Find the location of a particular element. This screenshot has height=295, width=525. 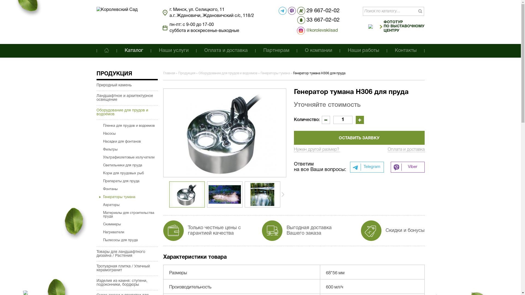

'29 667-02-02' is located at coordinates (297, 11).